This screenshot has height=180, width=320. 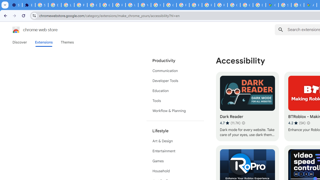 I want to click on 'Create your Google Account', so click(x=297, y=5).